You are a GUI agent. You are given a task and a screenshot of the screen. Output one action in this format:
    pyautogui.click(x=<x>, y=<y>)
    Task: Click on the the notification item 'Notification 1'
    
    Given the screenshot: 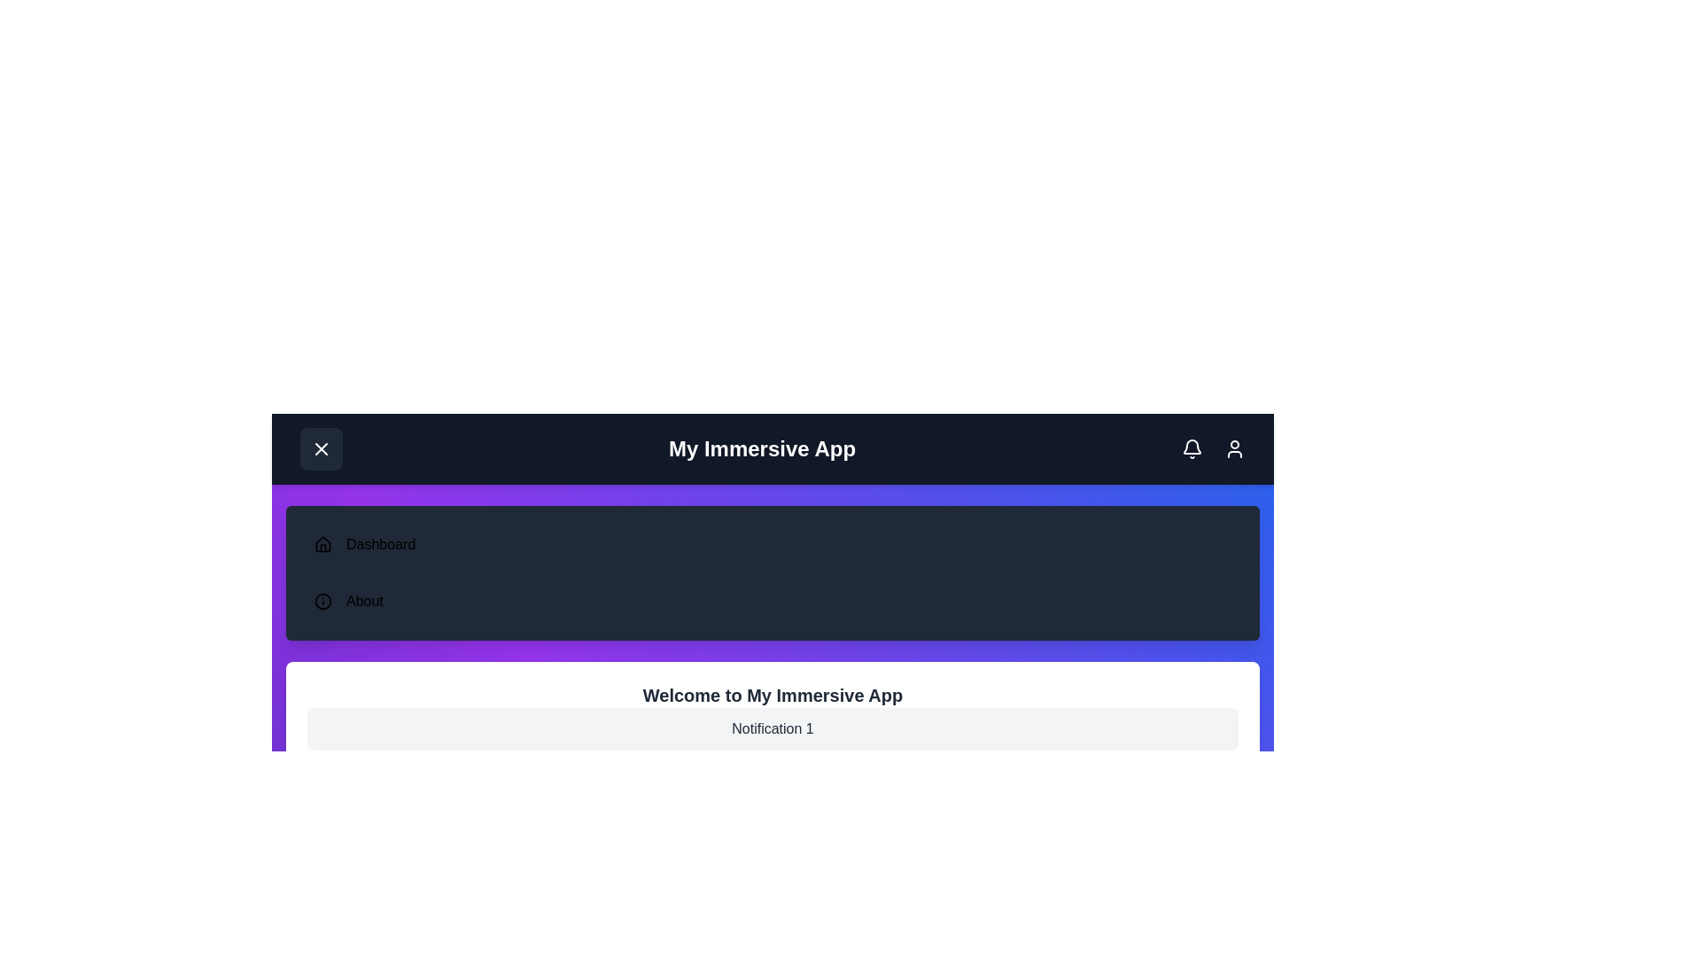 What is the action you would take?
    pyautogui.click(x=773, y=728)
    